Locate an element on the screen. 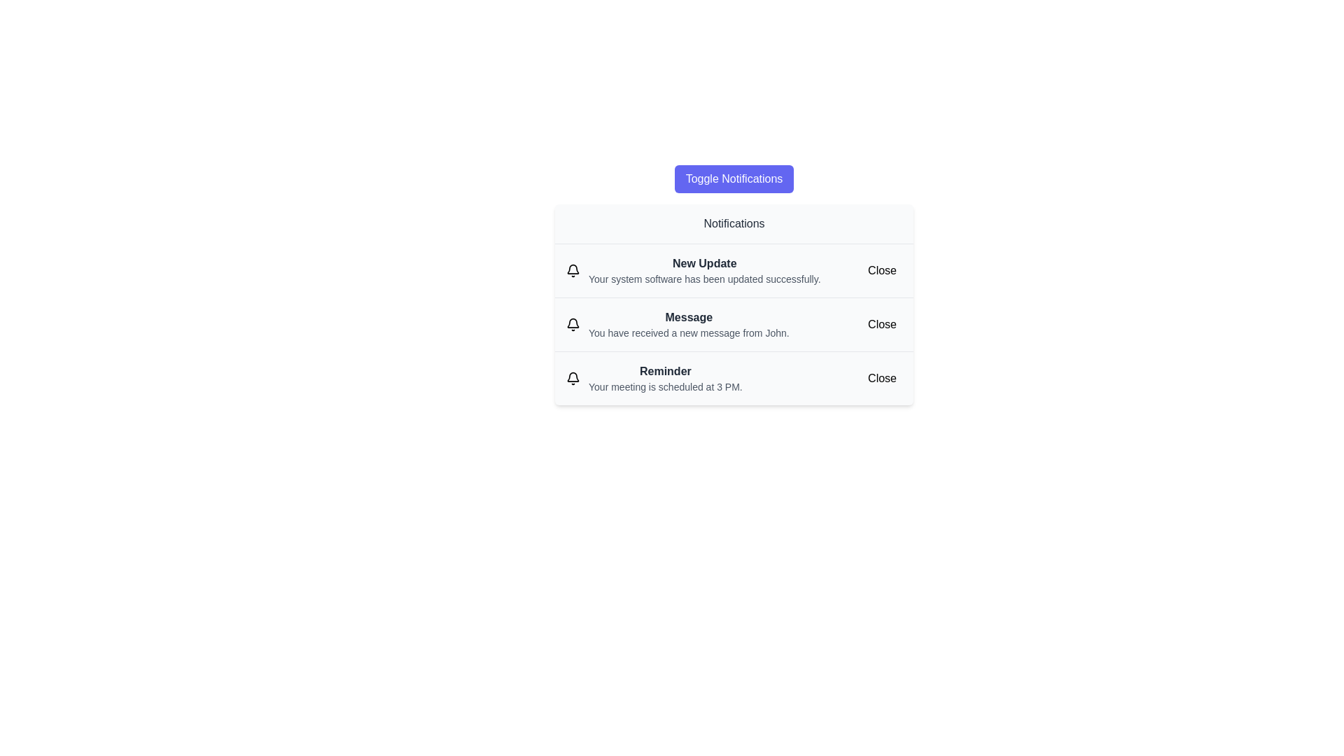 The height and width of the screenshot is (756, 1344). information displayed in the text label that contains 'Your meeting is scheduled at 3 PM.' located below the 'Reminder' heading in the notification card interface is located at coordinates (664, 386).